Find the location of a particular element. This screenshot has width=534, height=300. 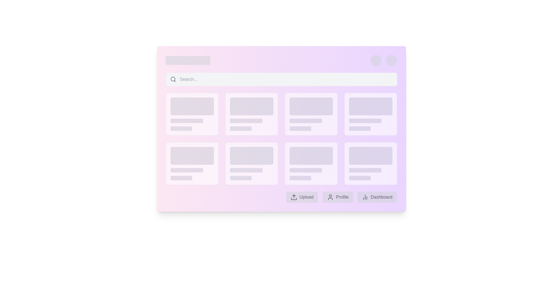

the inner circle of the magnifying glass icon, which represents the search functionality, located left of the search bar is located at coordinates (173, 79).